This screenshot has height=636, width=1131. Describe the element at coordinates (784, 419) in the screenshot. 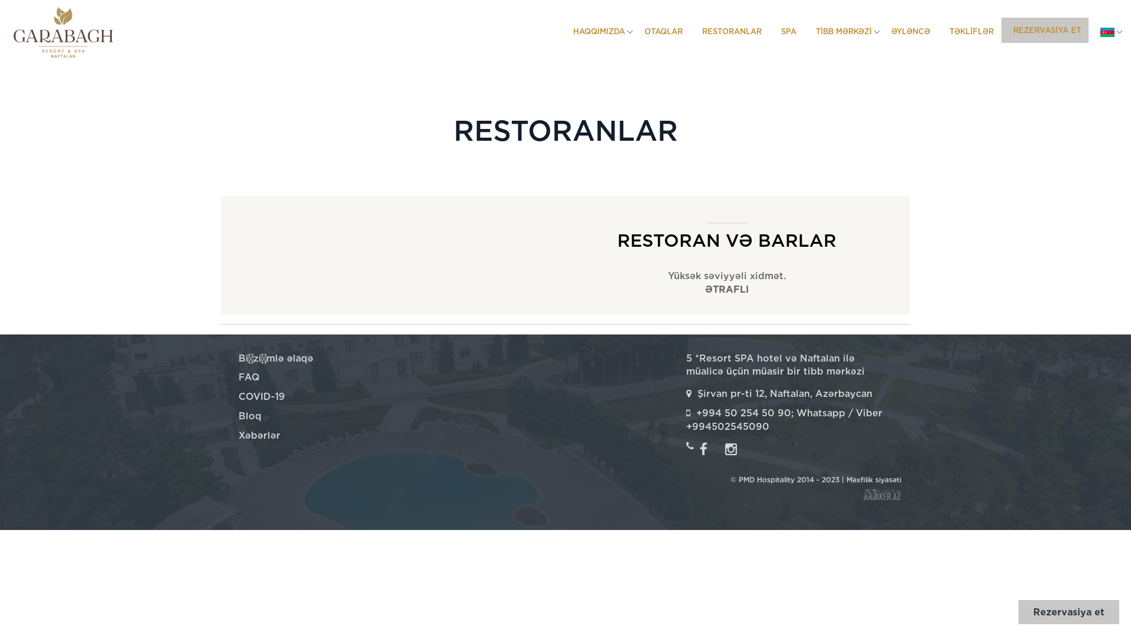

I see `'+994 50 254 50 90; Whatsapp / Viber +994502545090'` at that location.